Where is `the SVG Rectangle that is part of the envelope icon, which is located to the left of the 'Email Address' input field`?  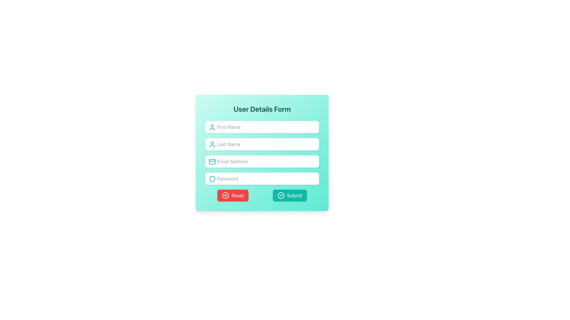
the SVG Rectangle that is part of the envelope icon, which is located to the left of the 'Email Address' input field is located at coordinates (212, 162).